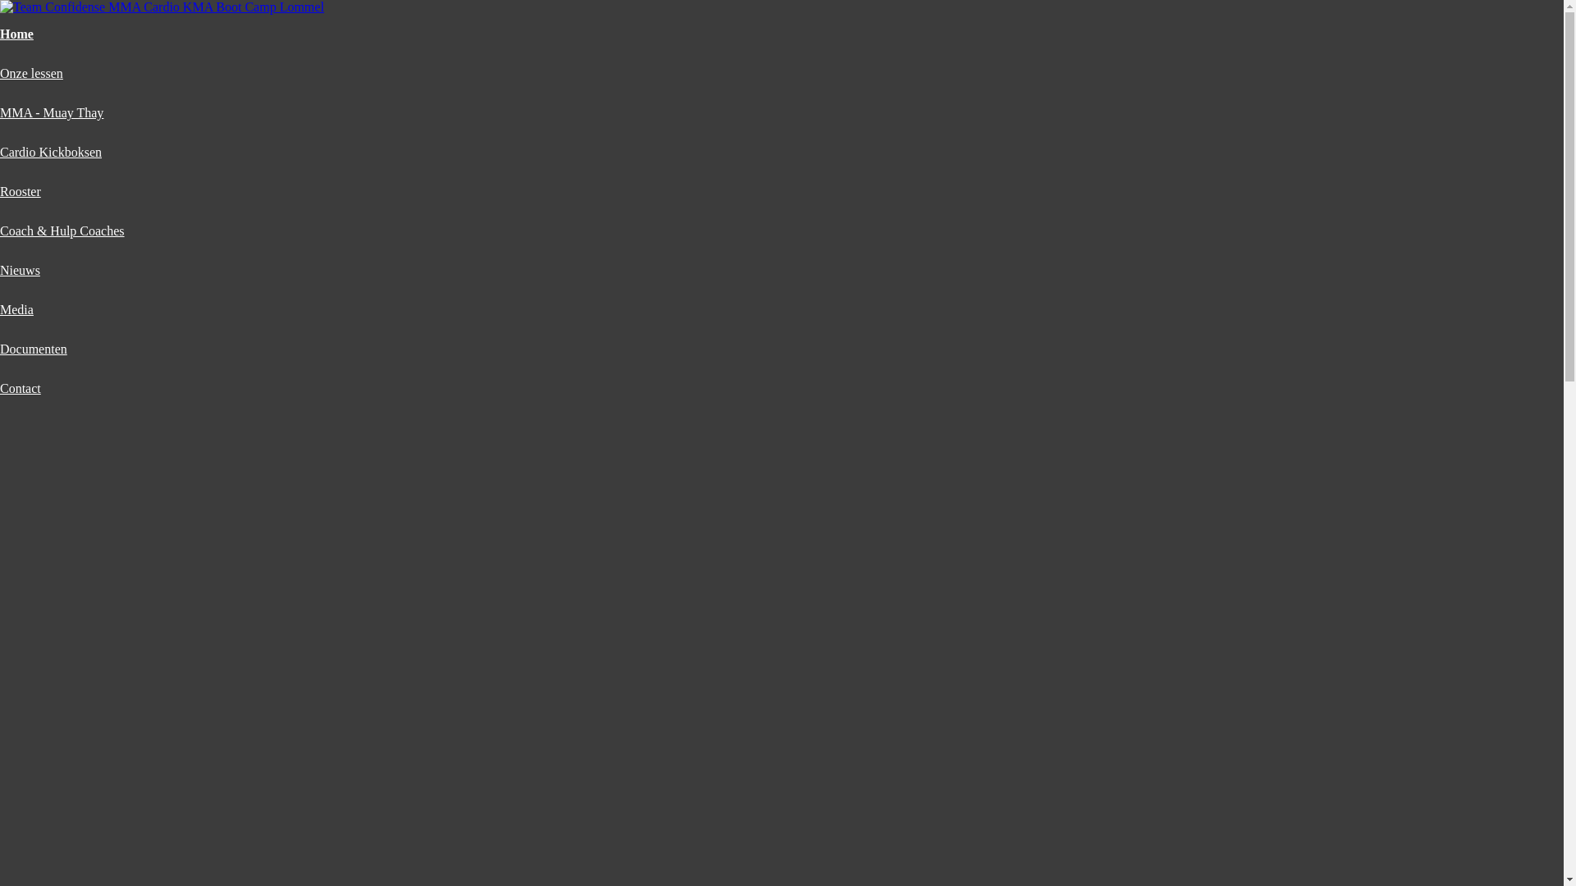 The width and height of the screenshot is (1576, 886). What do you see at coordinates (34, 348) in the screenshot?
I see `'Documenten'` at bounding box center [34, 348].